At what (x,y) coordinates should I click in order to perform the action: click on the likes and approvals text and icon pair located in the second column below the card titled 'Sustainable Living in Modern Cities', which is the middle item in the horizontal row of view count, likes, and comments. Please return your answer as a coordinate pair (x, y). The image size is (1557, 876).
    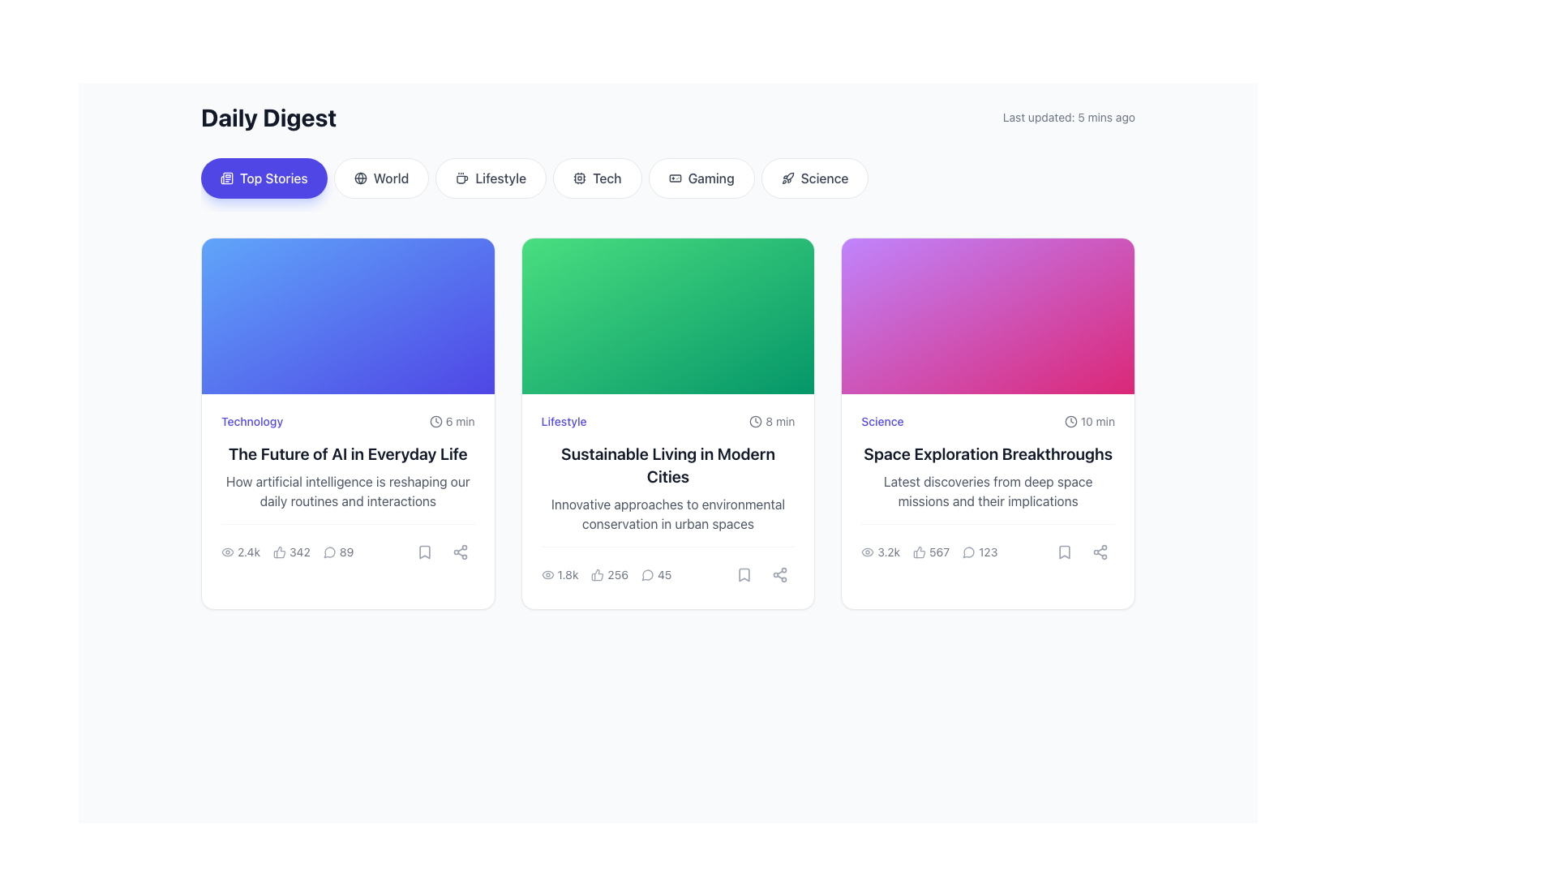
    Looking at the image, I should click on (609, 574).